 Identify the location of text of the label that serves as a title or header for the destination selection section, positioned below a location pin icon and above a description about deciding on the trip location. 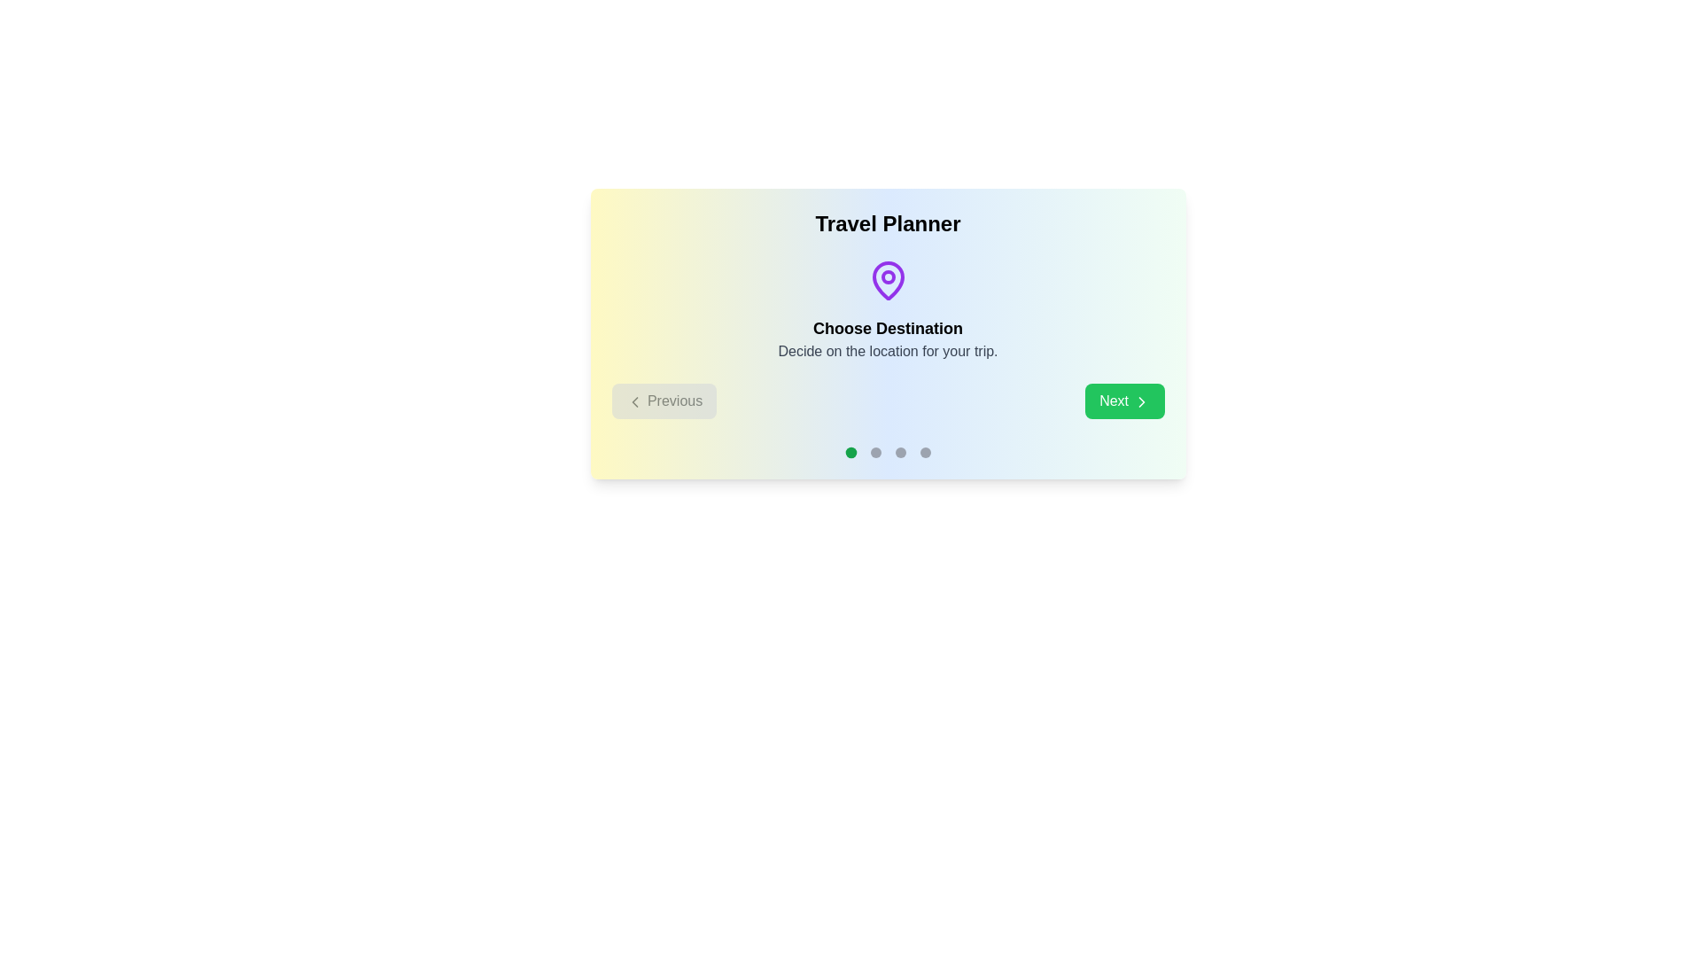
(888, 328).